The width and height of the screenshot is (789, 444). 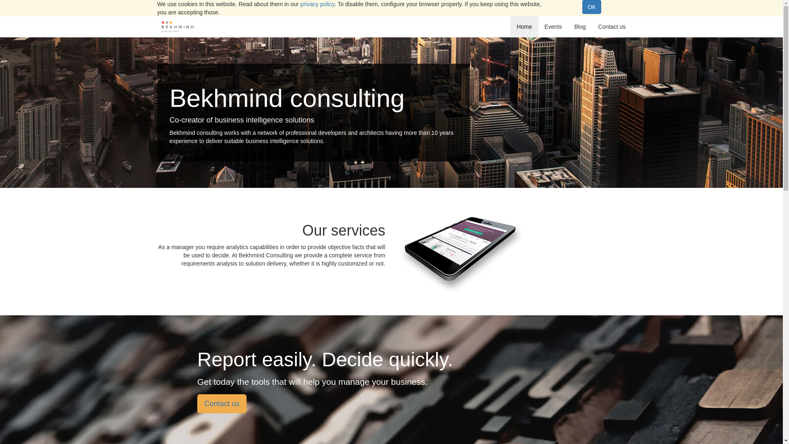 What do you see at coordinates (524, 26) in the screenshot?
I see `'Home'` at bounding box center [524, 26].